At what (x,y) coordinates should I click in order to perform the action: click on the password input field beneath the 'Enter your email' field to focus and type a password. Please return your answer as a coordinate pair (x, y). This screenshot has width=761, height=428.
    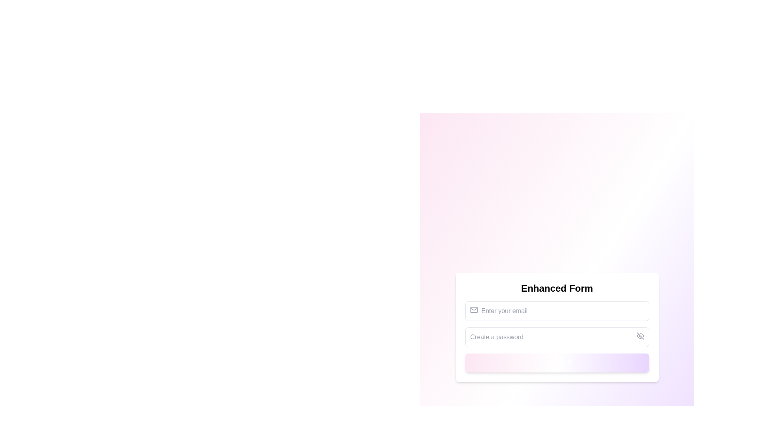
    Looking at the image, I should click on (556, 327).